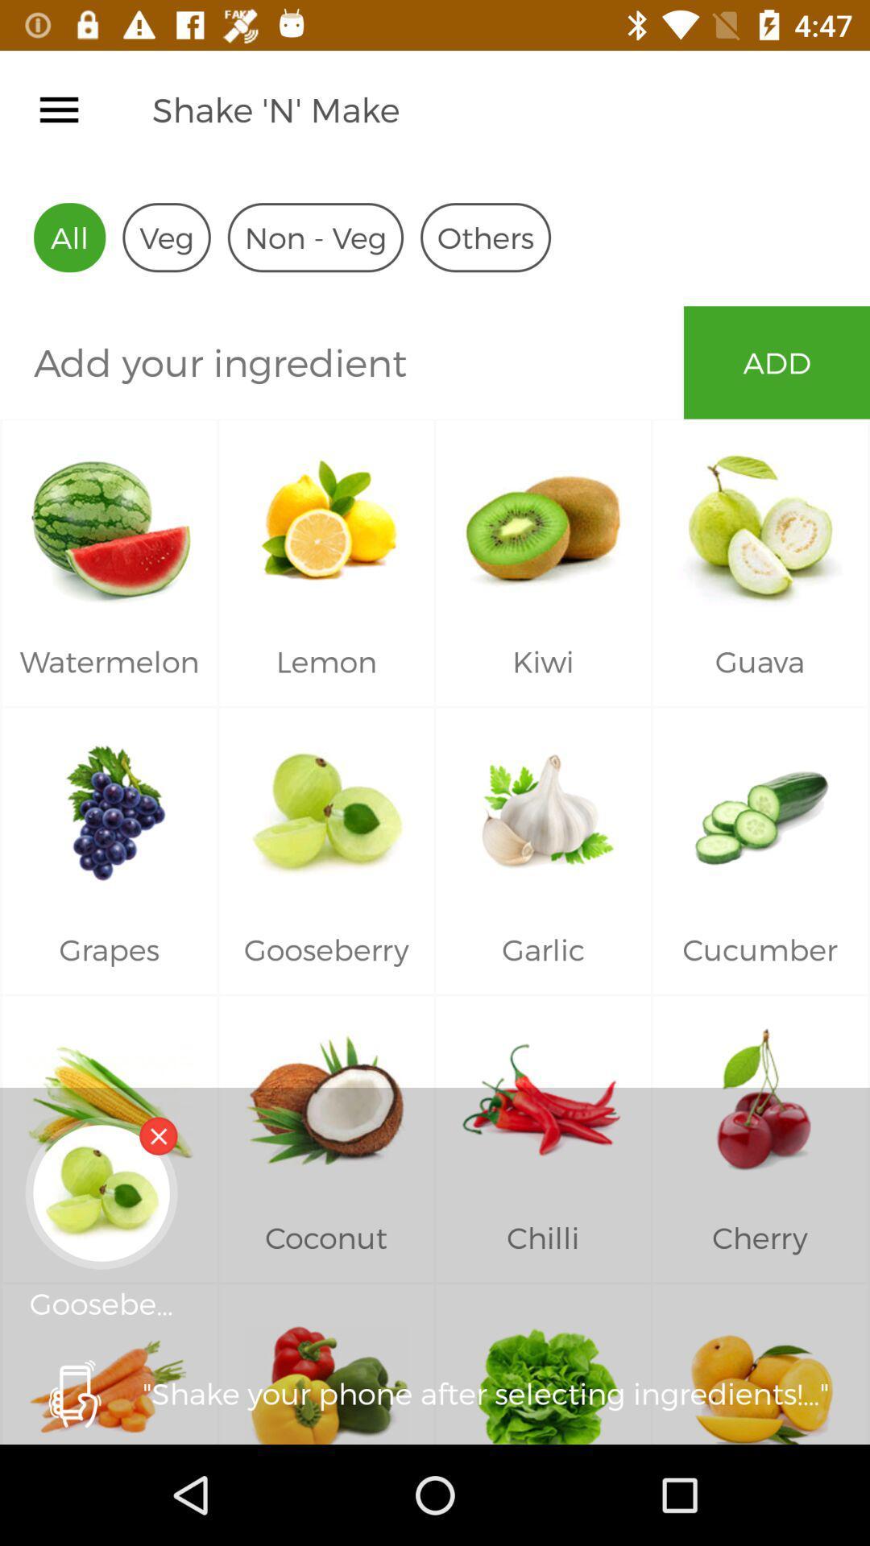 This screenshot has width=870, height=1546. What do you see at coordinates (158, 1135) in the screenshot?
I see `delete image` at bounding box center [158, 1135].